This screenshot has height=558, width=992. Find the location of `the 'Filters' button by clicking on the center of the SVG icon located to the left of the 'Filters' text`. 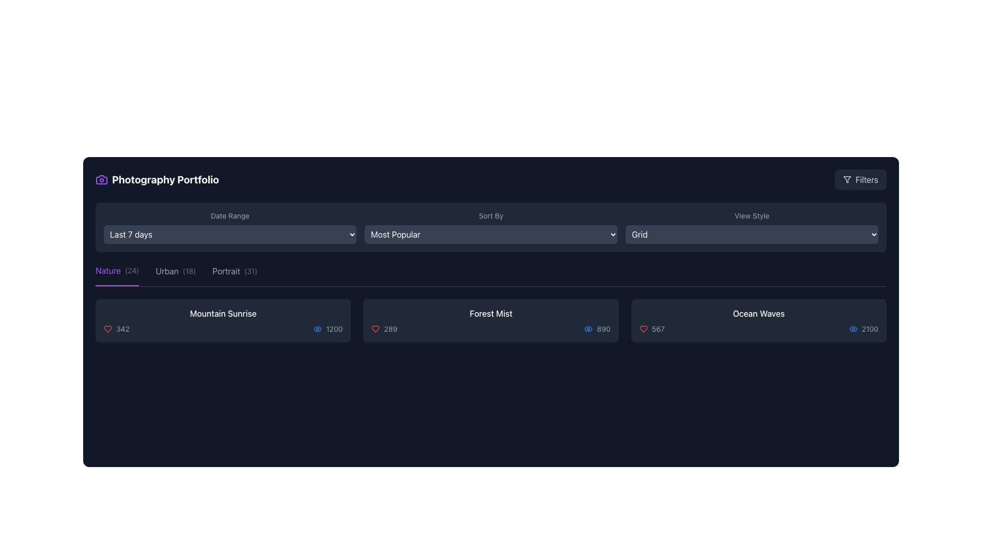

the 'Filters' button by clicking on the center of the SVG icon located to the left of the 'Filters' text is located at coordinates (847, 179).